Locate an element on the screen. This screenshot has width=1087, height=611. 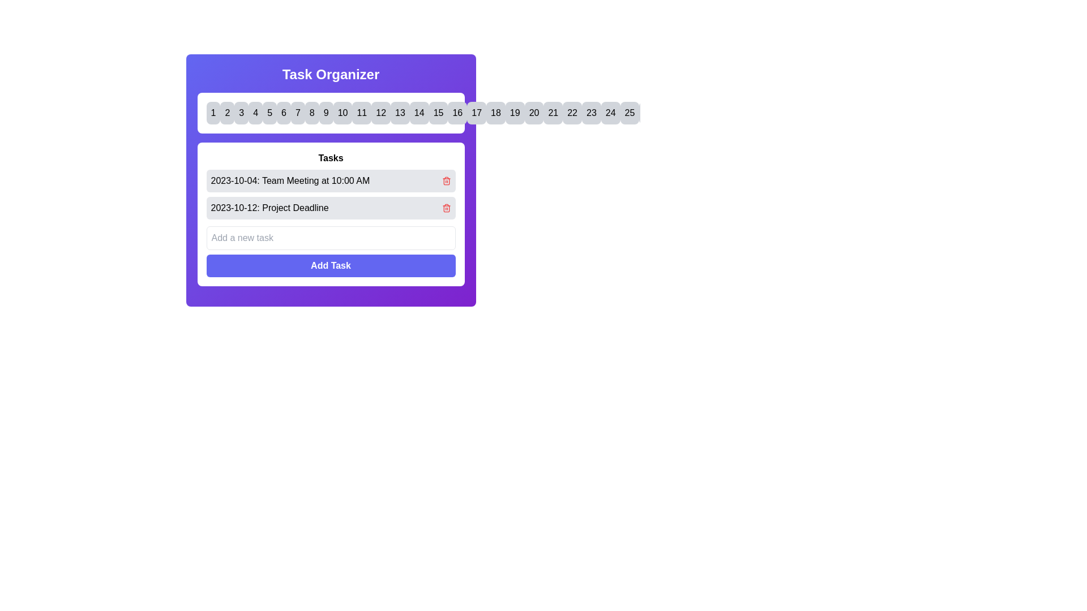
the 25th rounded rectangular button with a light gray background containing the number '25' in black text is located at coordinates (629, 113).